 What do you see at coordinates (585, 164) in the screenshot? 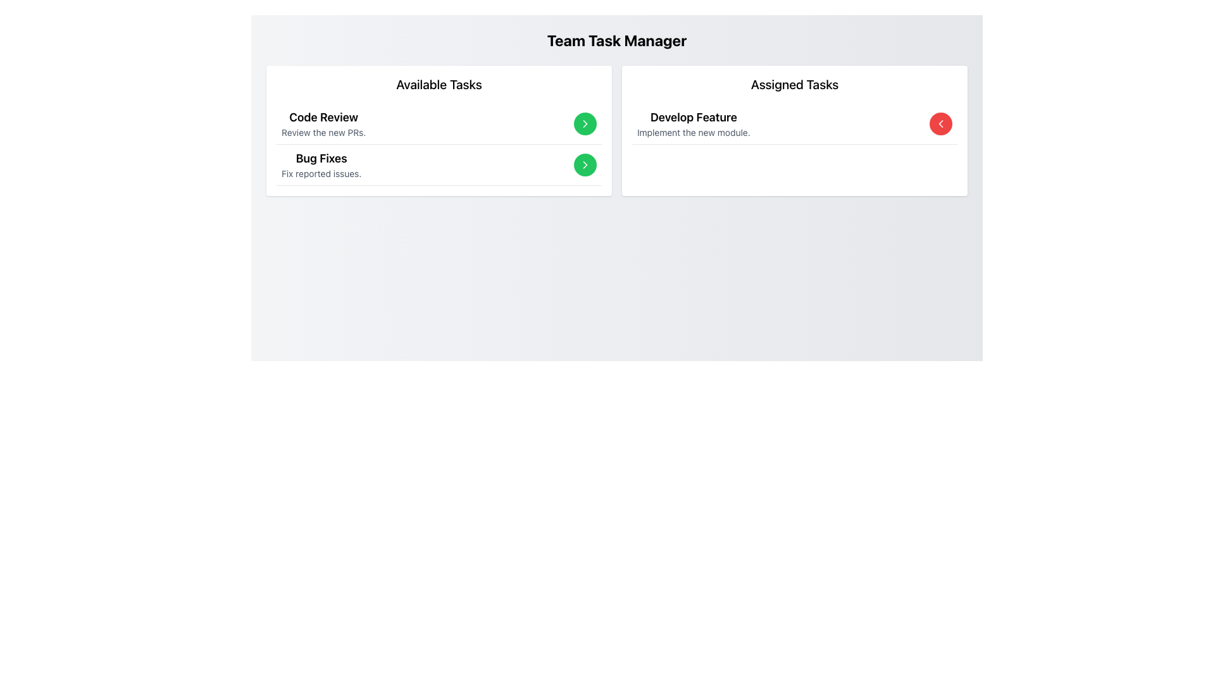
I see `the circular green button with a white right-facing chevron icon in the 'Available Tasks' section` at bounding box center [585, 164].